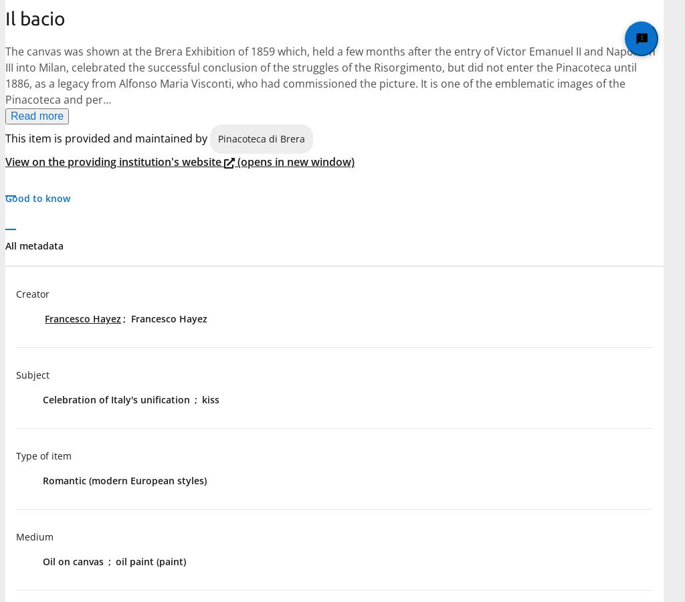 The height and width of the screenshot is (602, 685). I want to click on 'Celebration of Italy's unification', so click(118, 399).